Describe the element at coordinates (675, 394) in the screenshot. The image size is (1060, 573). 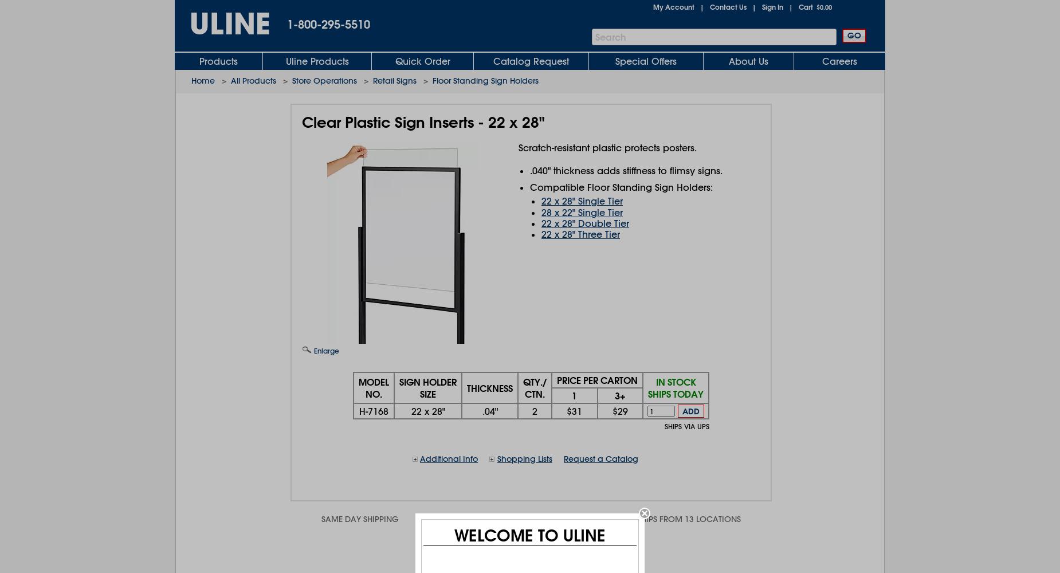
I see `'SHIPS TODAY'` at that location.